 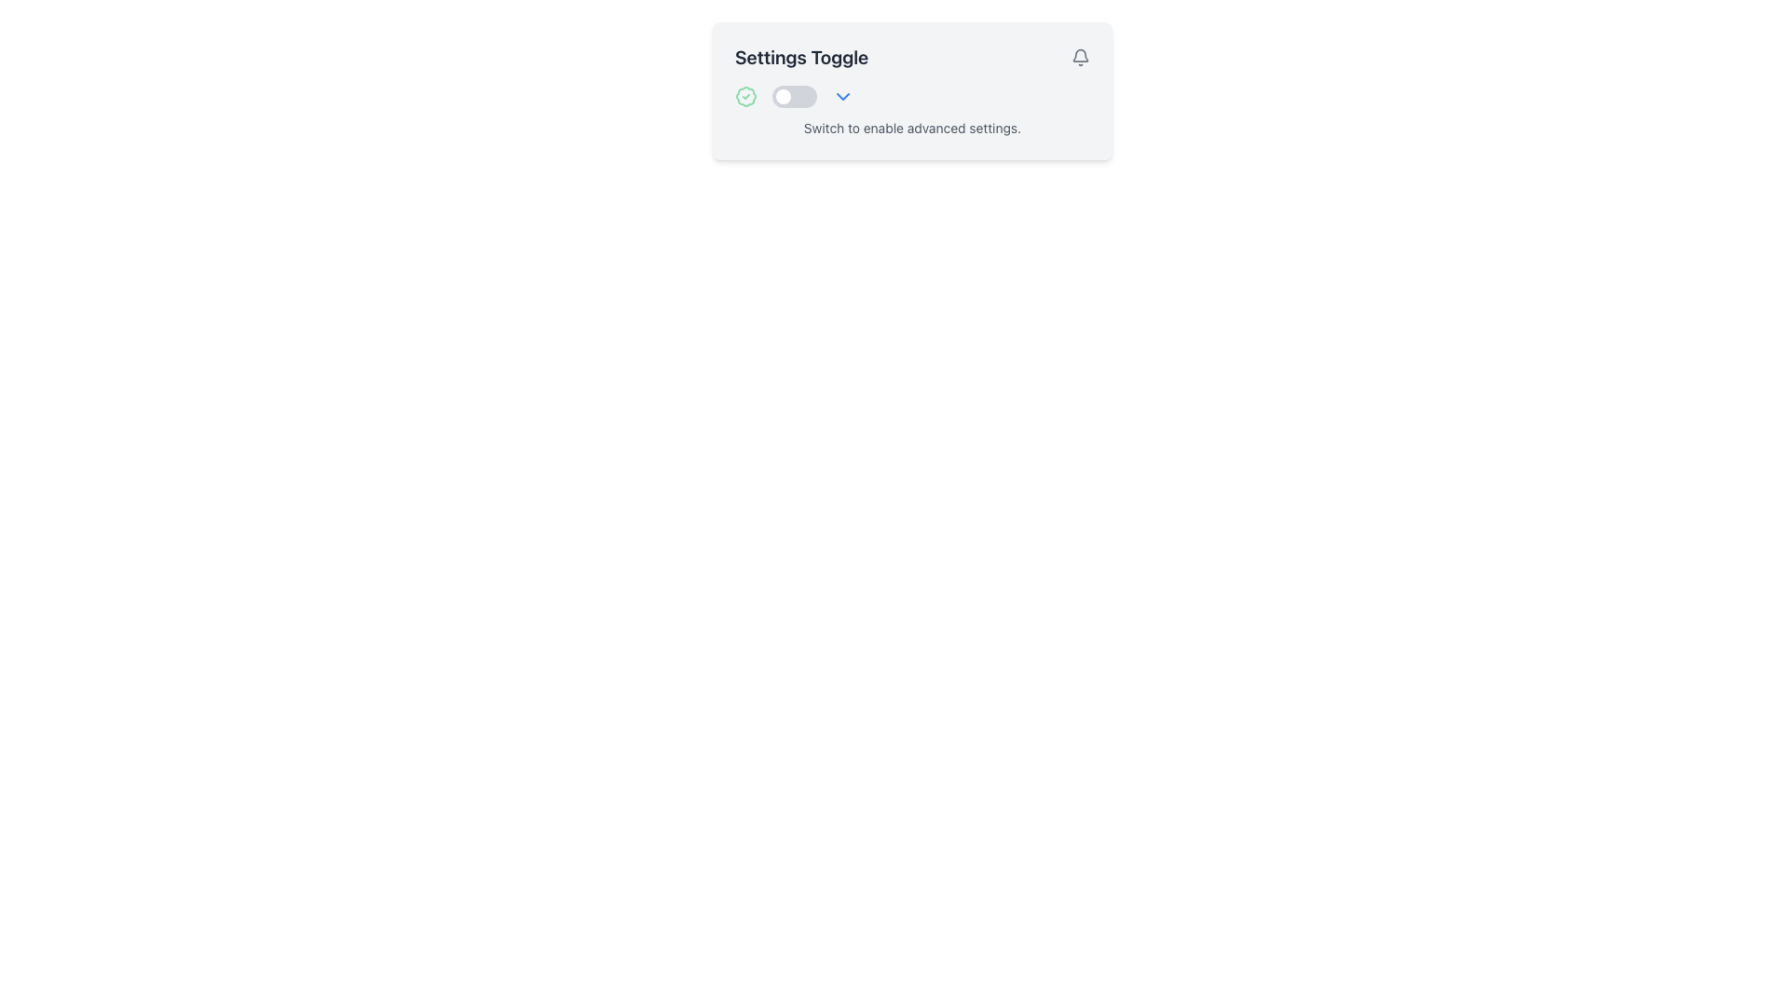 What do you see at coordinates (912, 128) in the screenshot?
I see `the descriptive text label below the toggle switch to associate it with the toggle functionality` at bounding box center [912, 128].